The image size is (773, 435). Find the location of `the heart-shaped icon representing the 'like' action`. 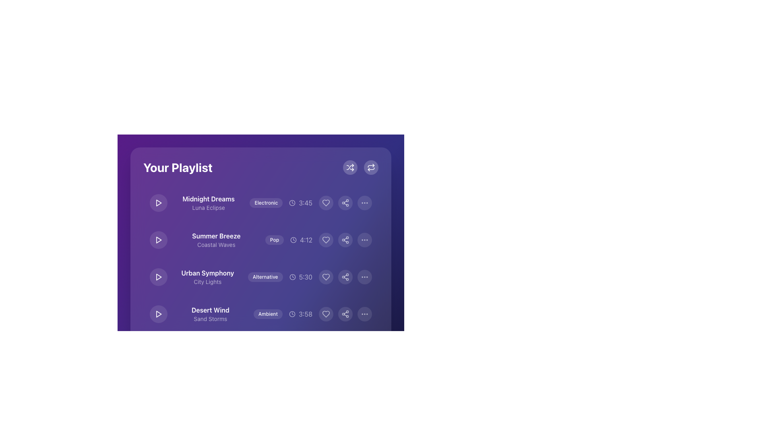

the heart-shaped icon representing the 'like' action is located at coordinates (326, 276).